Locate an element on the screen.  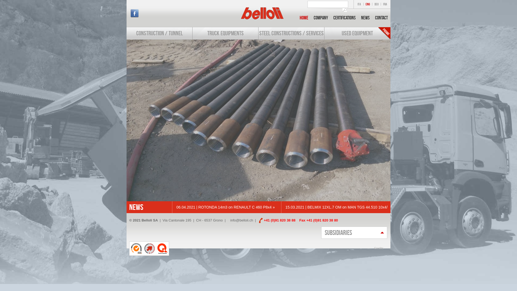
'Contact' is located at coordinates (381, 17).